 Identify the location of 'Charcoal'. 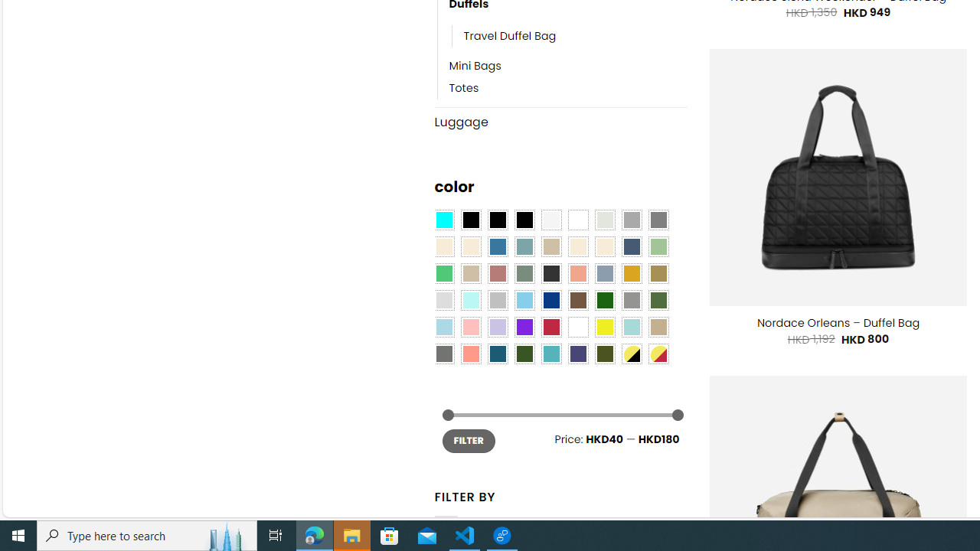
(551, 272).